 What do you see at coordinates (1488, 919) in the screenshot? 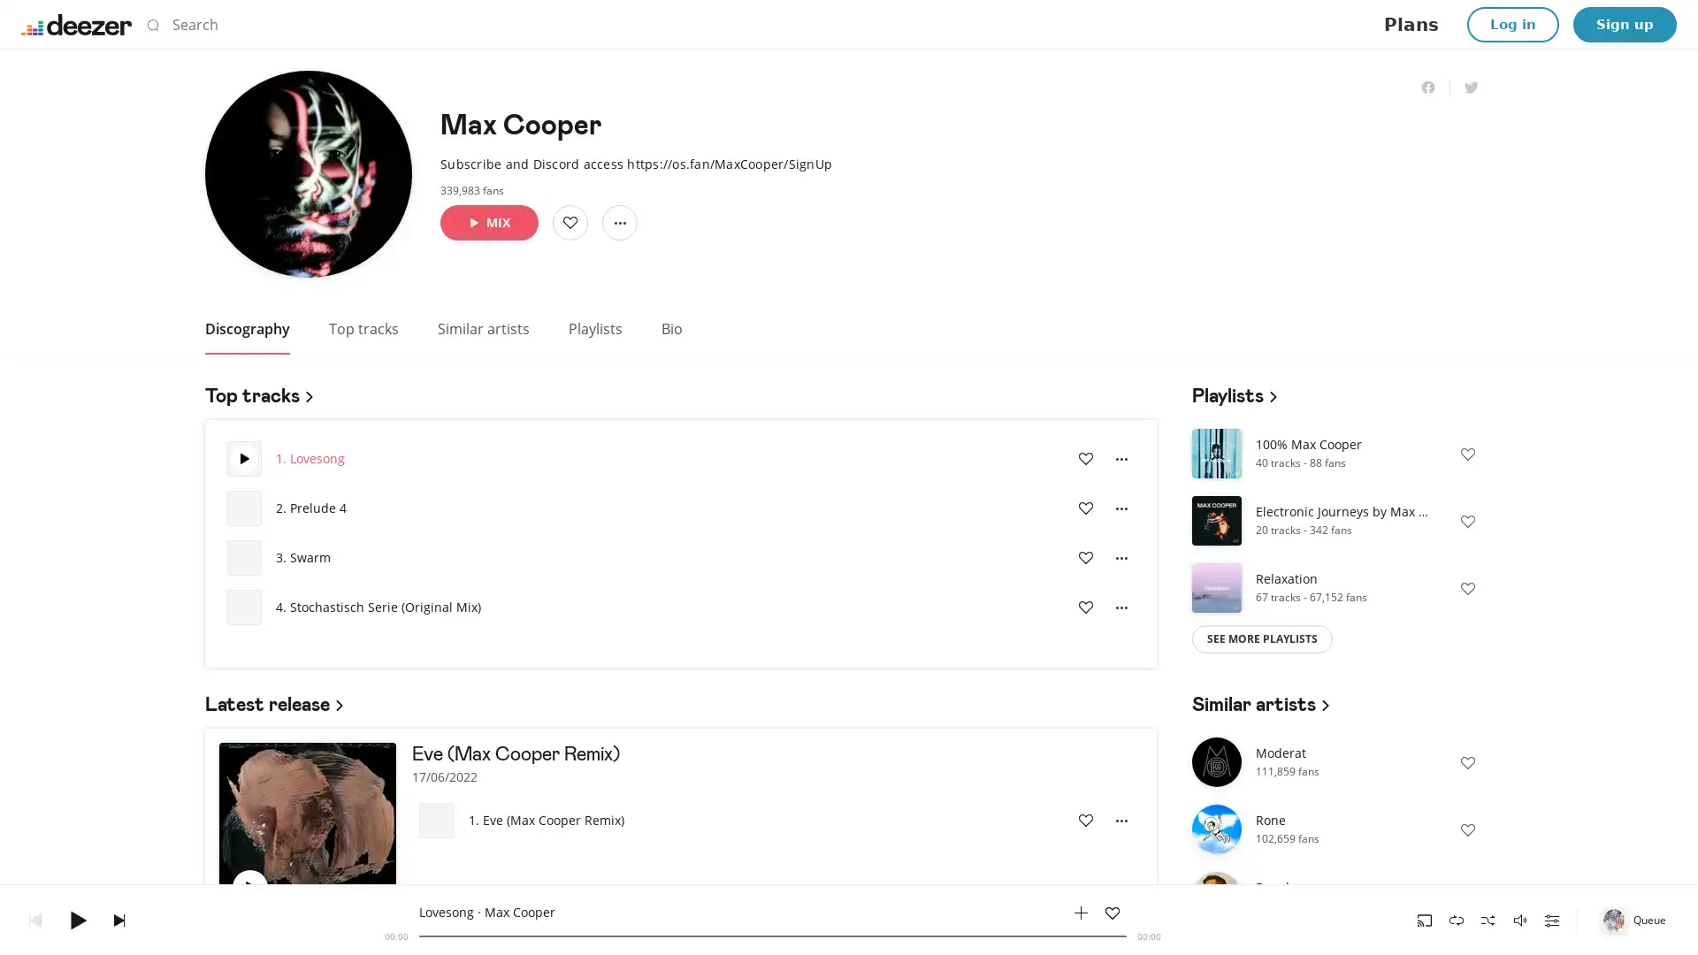
I see `Turn on Shuffle` at bounding box center [1488, 919].